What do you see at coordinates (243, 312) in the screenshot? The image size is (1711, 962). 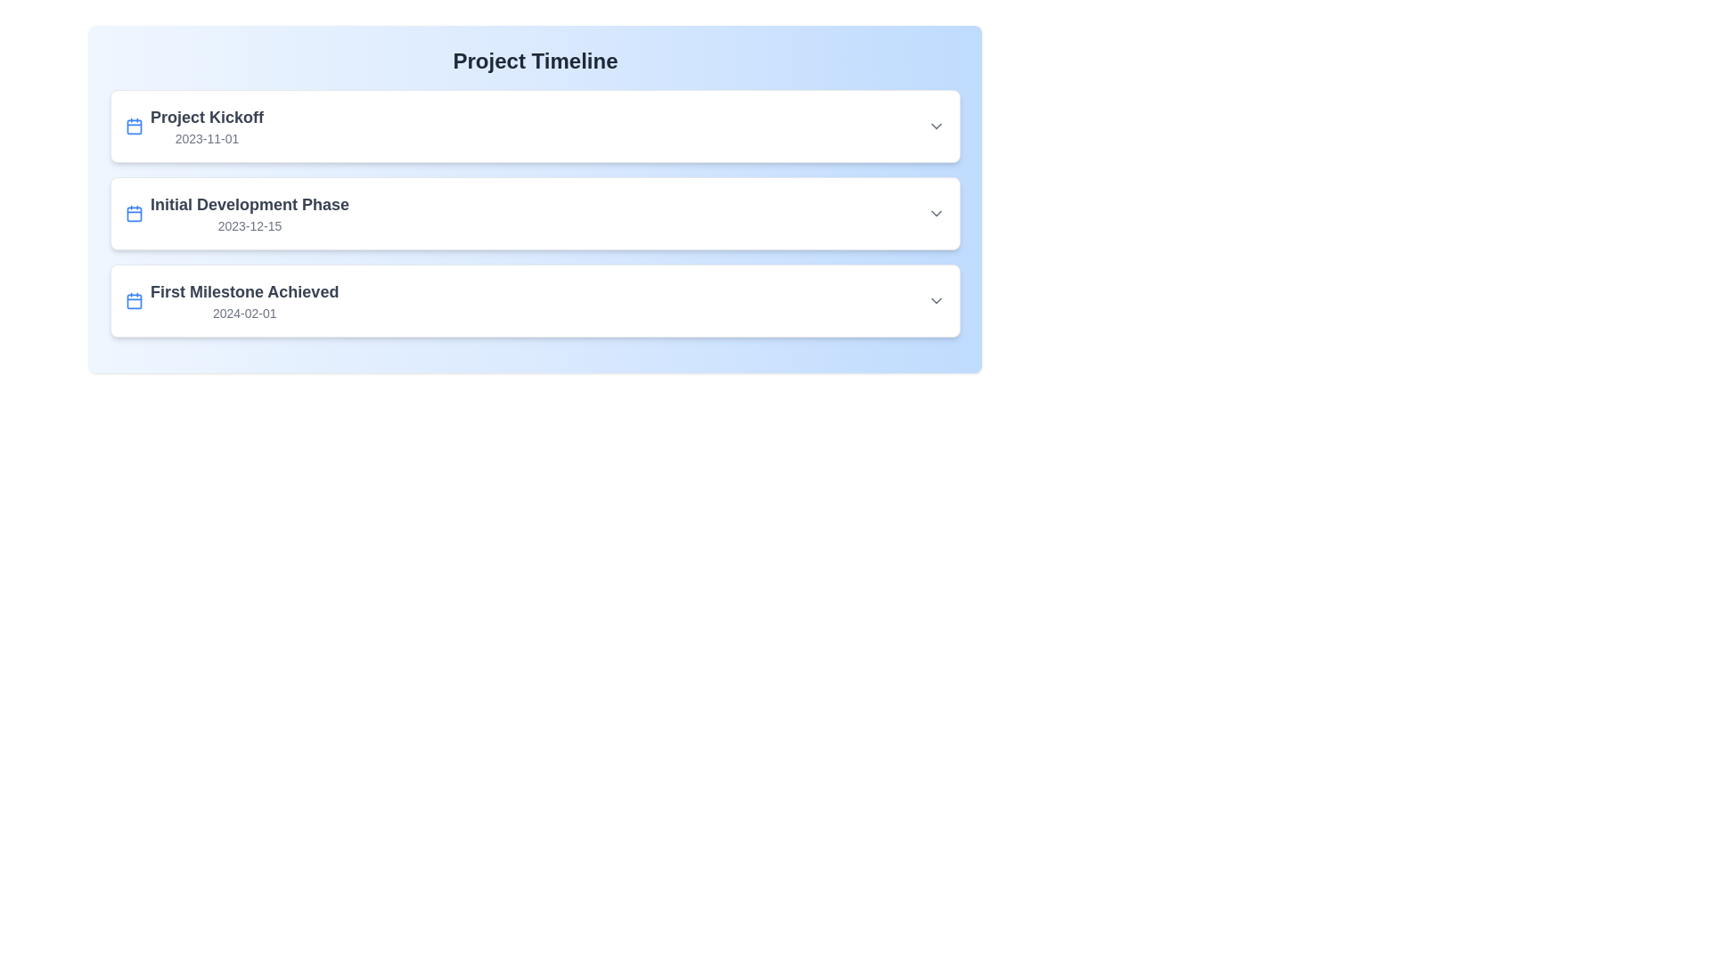 I see `text label displaying the date '2024-02-01' located under the heading 'First Milestone Achieved' in the milestones list` at bounding box center [243, 312].